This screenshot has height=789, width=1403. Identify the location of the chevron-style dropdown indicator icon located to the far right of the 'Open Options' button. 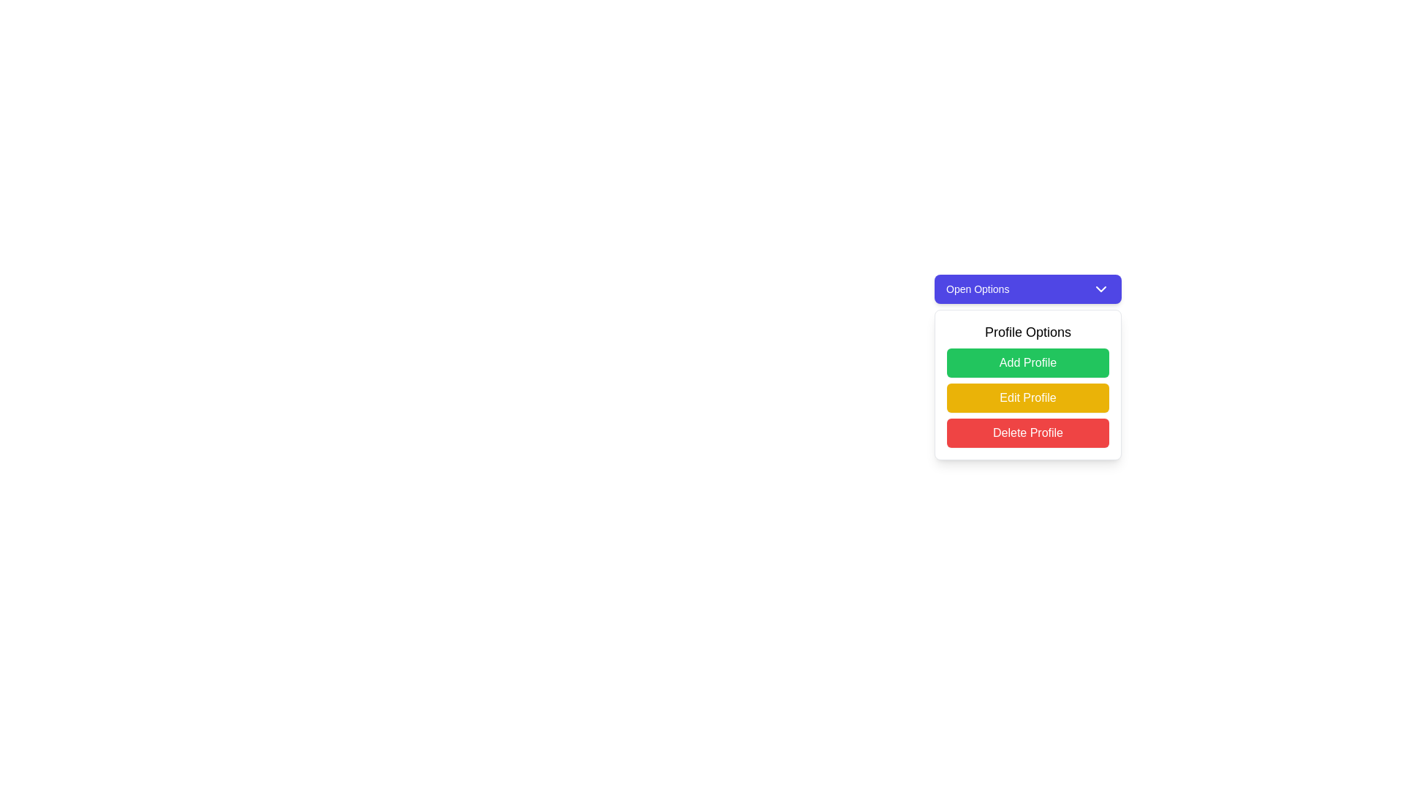
(1101, 289).